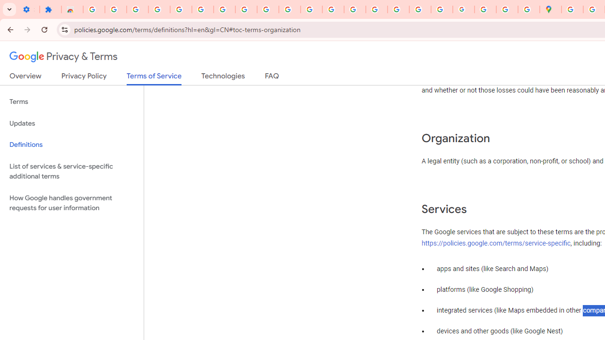 The height and width of the screenshot is (340, 605). Describe the element at coordinates (63, 57) in the screenshot. I see `'Privacy & Terms'` at that location.